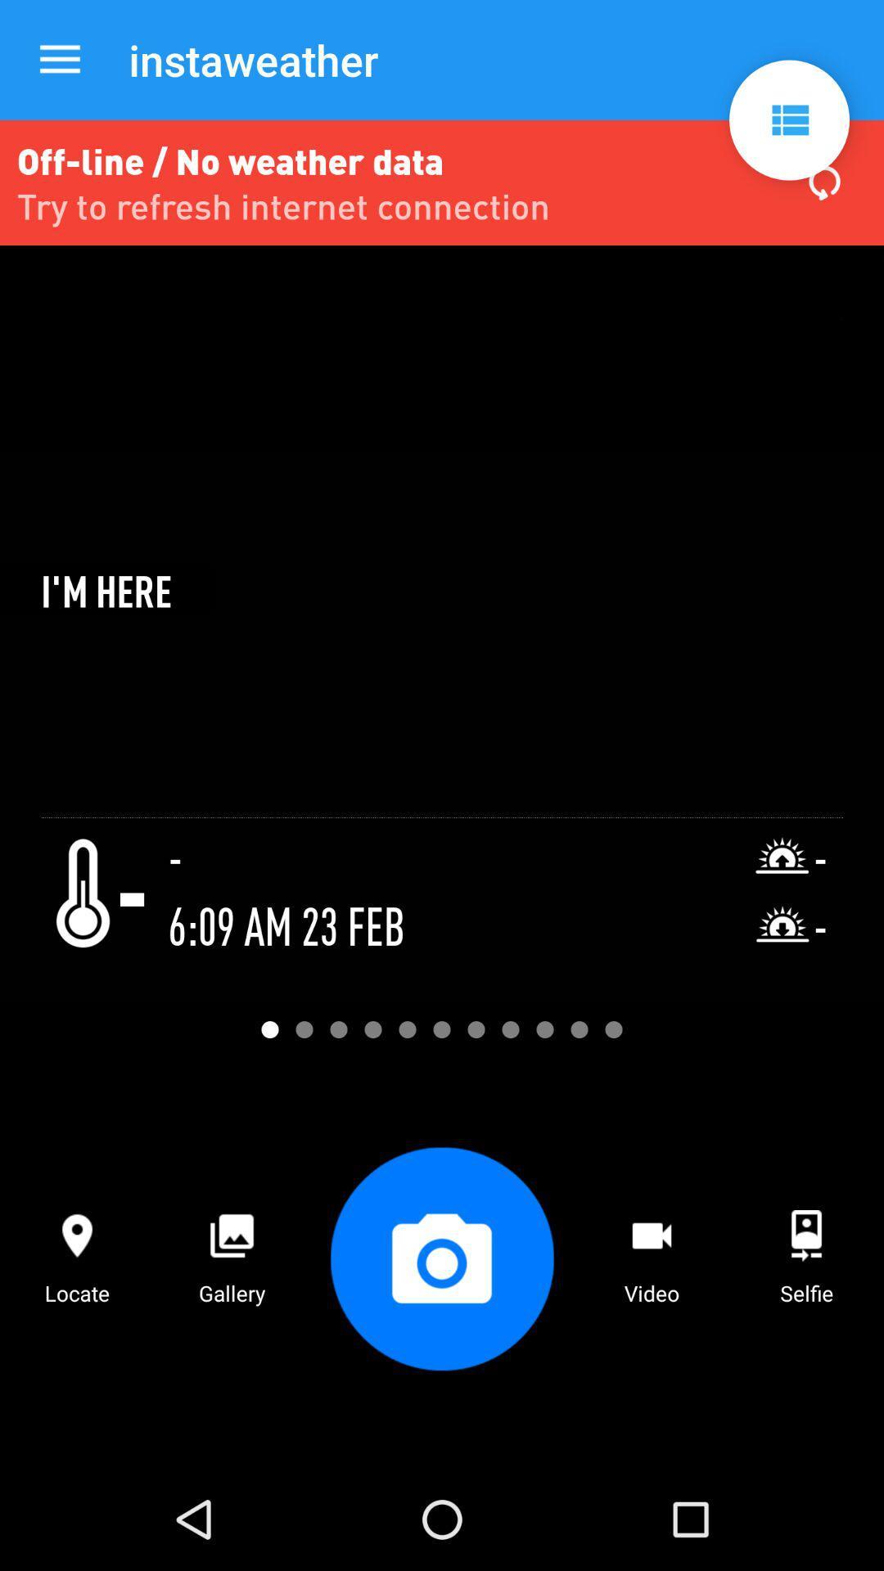  What do you see at coordinates (788, 119) in the screenshot?
I see `the list icon` at bounding box center [788, 119].